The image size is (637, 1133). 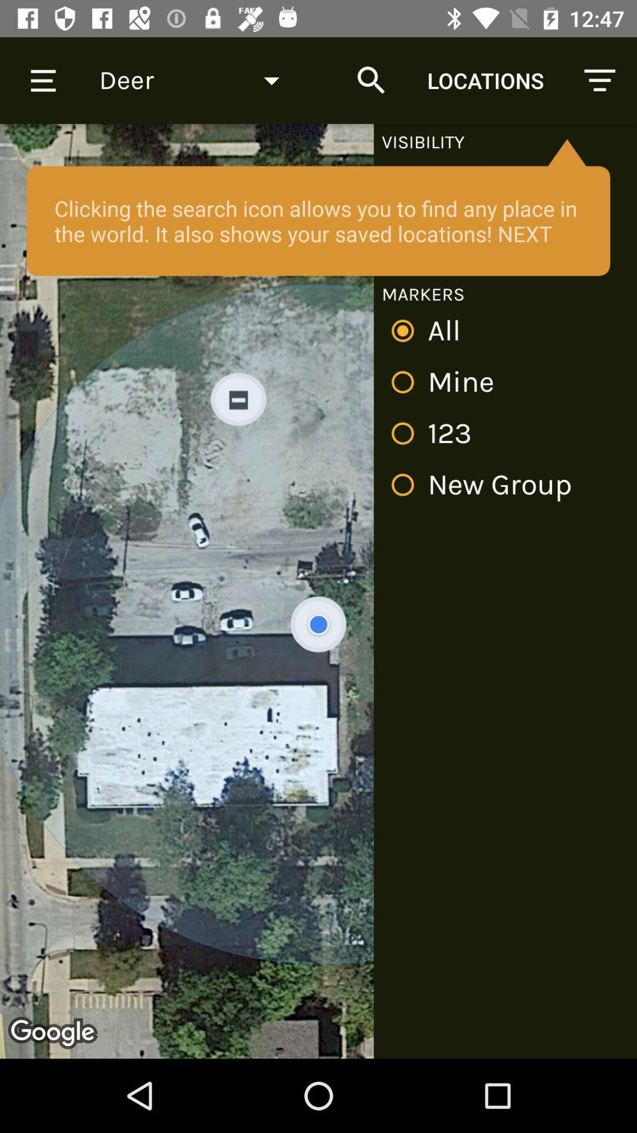 What do you see at coordinates (486, 485) in the screenshot?
I see `last option` at bounding box center [486, 485].